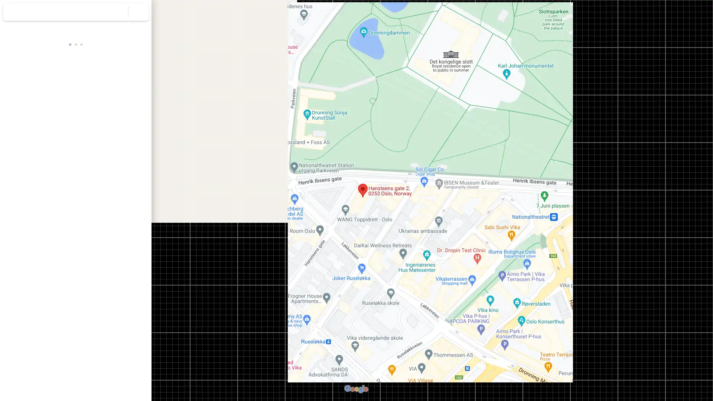 The image size is (713, 401). Describe the element at coordinates (102, 151) in the screenshot. I see `Send Hansteens gate 2 to your phone` at that location.